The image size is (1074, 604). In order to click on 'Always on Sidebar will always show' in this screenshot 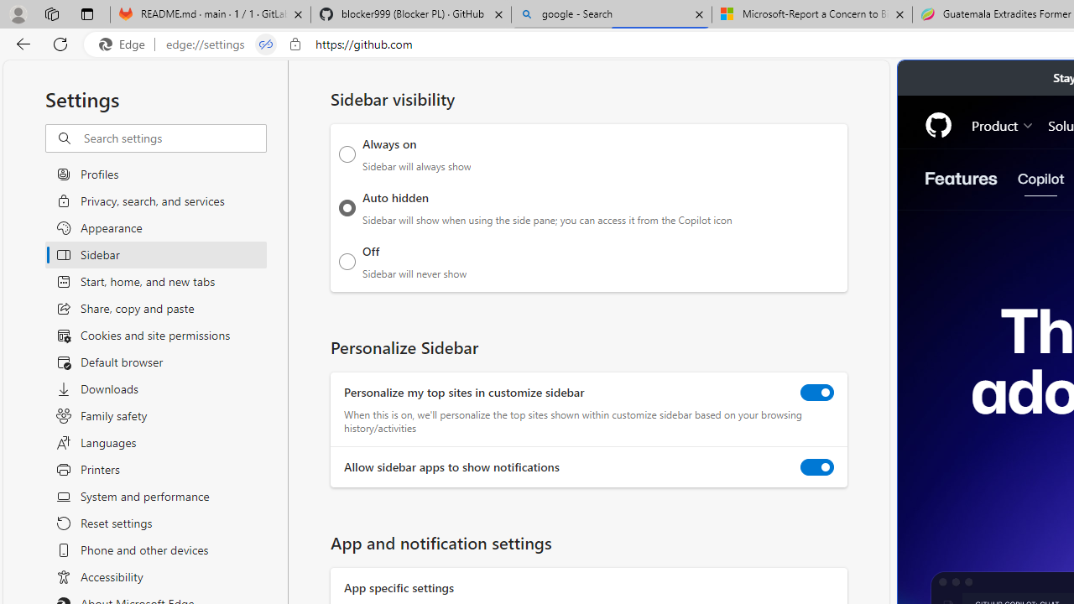, I will do `click(347, 154)`.